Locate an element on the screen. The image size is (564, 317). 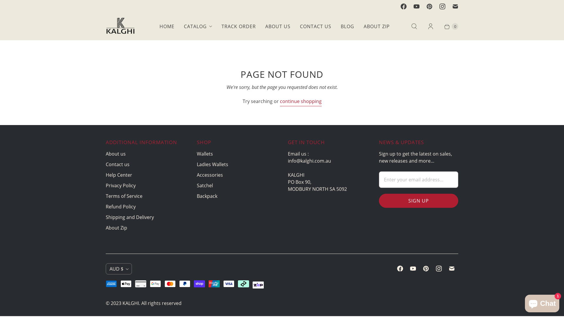
'continue shopping' is located at coordinates (300, 102).